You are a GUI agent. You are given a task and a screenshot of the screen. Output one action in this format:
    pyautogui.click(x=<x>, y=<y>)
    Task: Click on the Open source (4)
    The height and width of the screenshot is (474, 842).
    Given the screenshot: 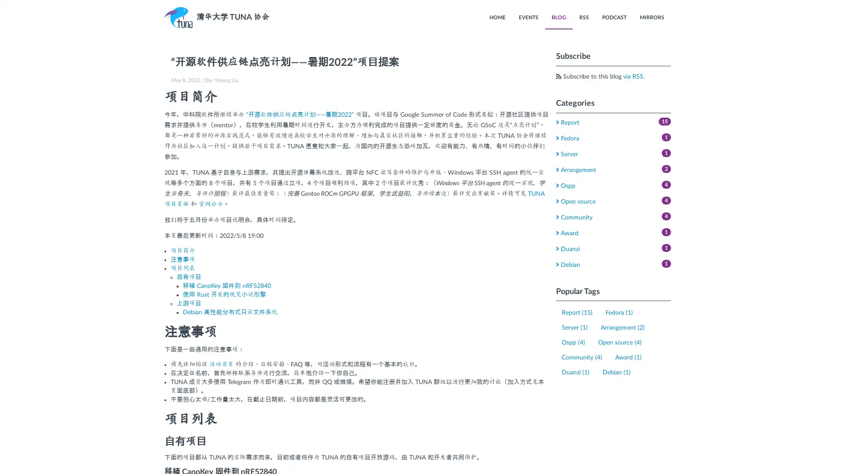 What is the action you would take?
    pyautogui.click(x=619, y=342)
    